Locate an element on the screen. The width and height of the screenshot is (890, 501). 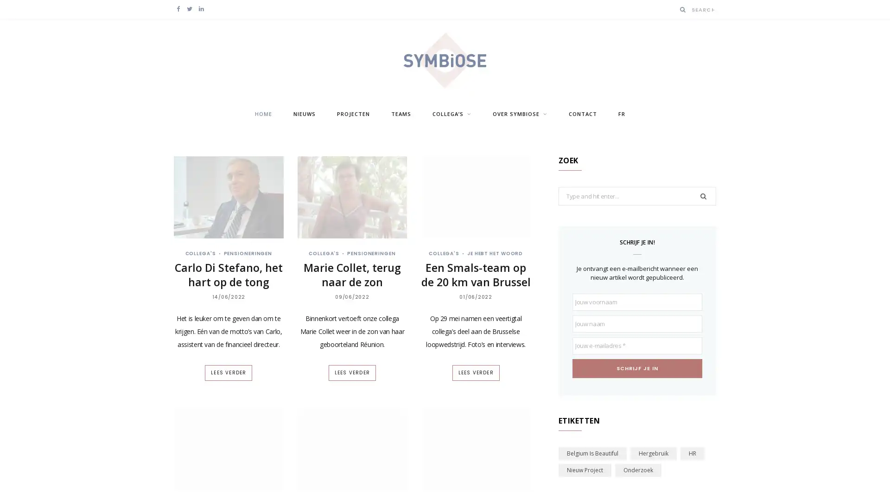
Schrijf je in is located at coordinates (636, 367).